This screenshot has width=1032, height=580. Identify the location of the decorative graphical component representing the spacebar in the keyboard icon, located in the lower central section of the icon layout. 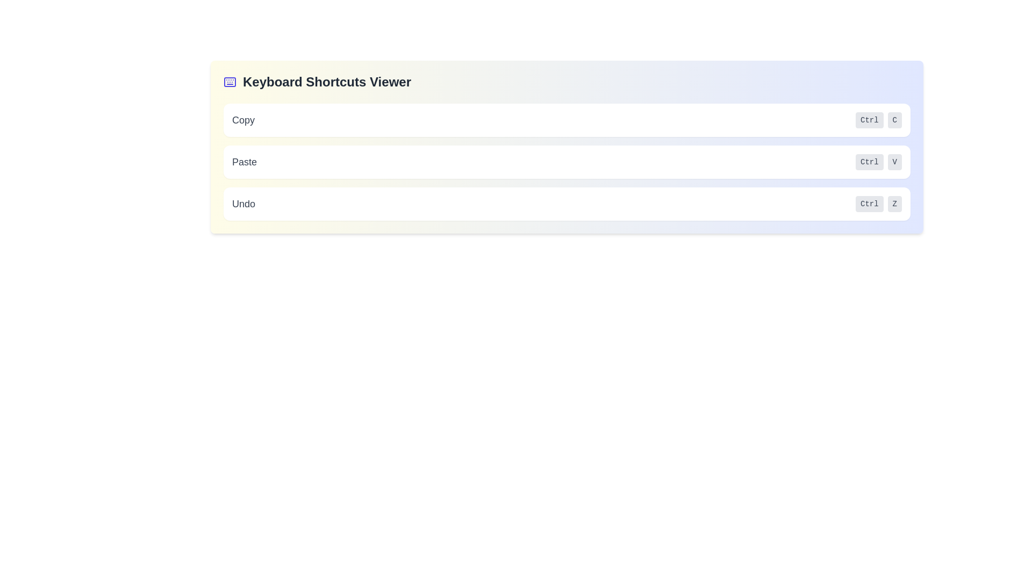
(229, 82).